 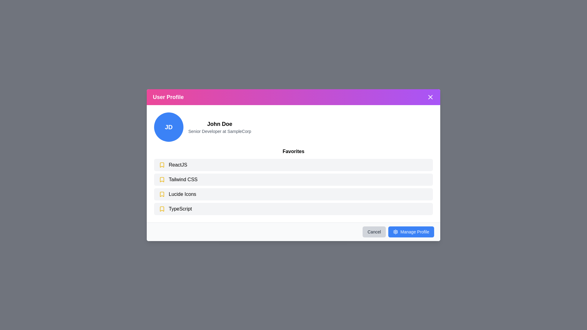 I want to click on the 'Tailwind CSS' list item, which is the second item in the 'Favorites' section of the user profile interface, so click(x=293, y=179).